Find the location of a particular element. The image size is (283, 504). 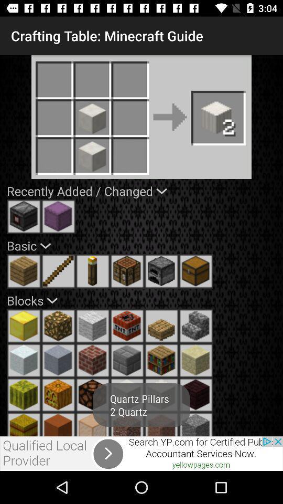

quartz pillars is located at coordinates (196, 325).